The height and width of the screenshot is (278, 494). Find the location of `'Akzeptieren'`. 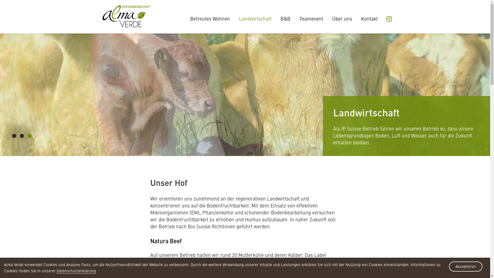

'Akzeptieren' is located at coordinates (465, 266).